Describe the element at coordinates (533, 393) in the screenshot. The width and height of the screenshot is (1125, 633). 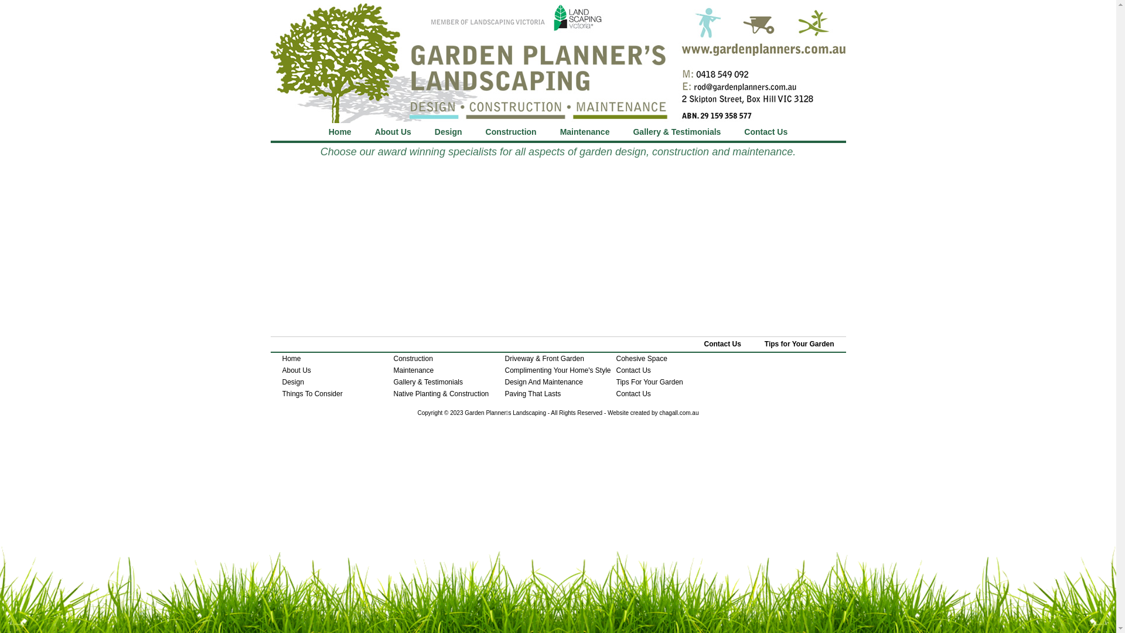
I see `'Paving That Lasts'` at that location.